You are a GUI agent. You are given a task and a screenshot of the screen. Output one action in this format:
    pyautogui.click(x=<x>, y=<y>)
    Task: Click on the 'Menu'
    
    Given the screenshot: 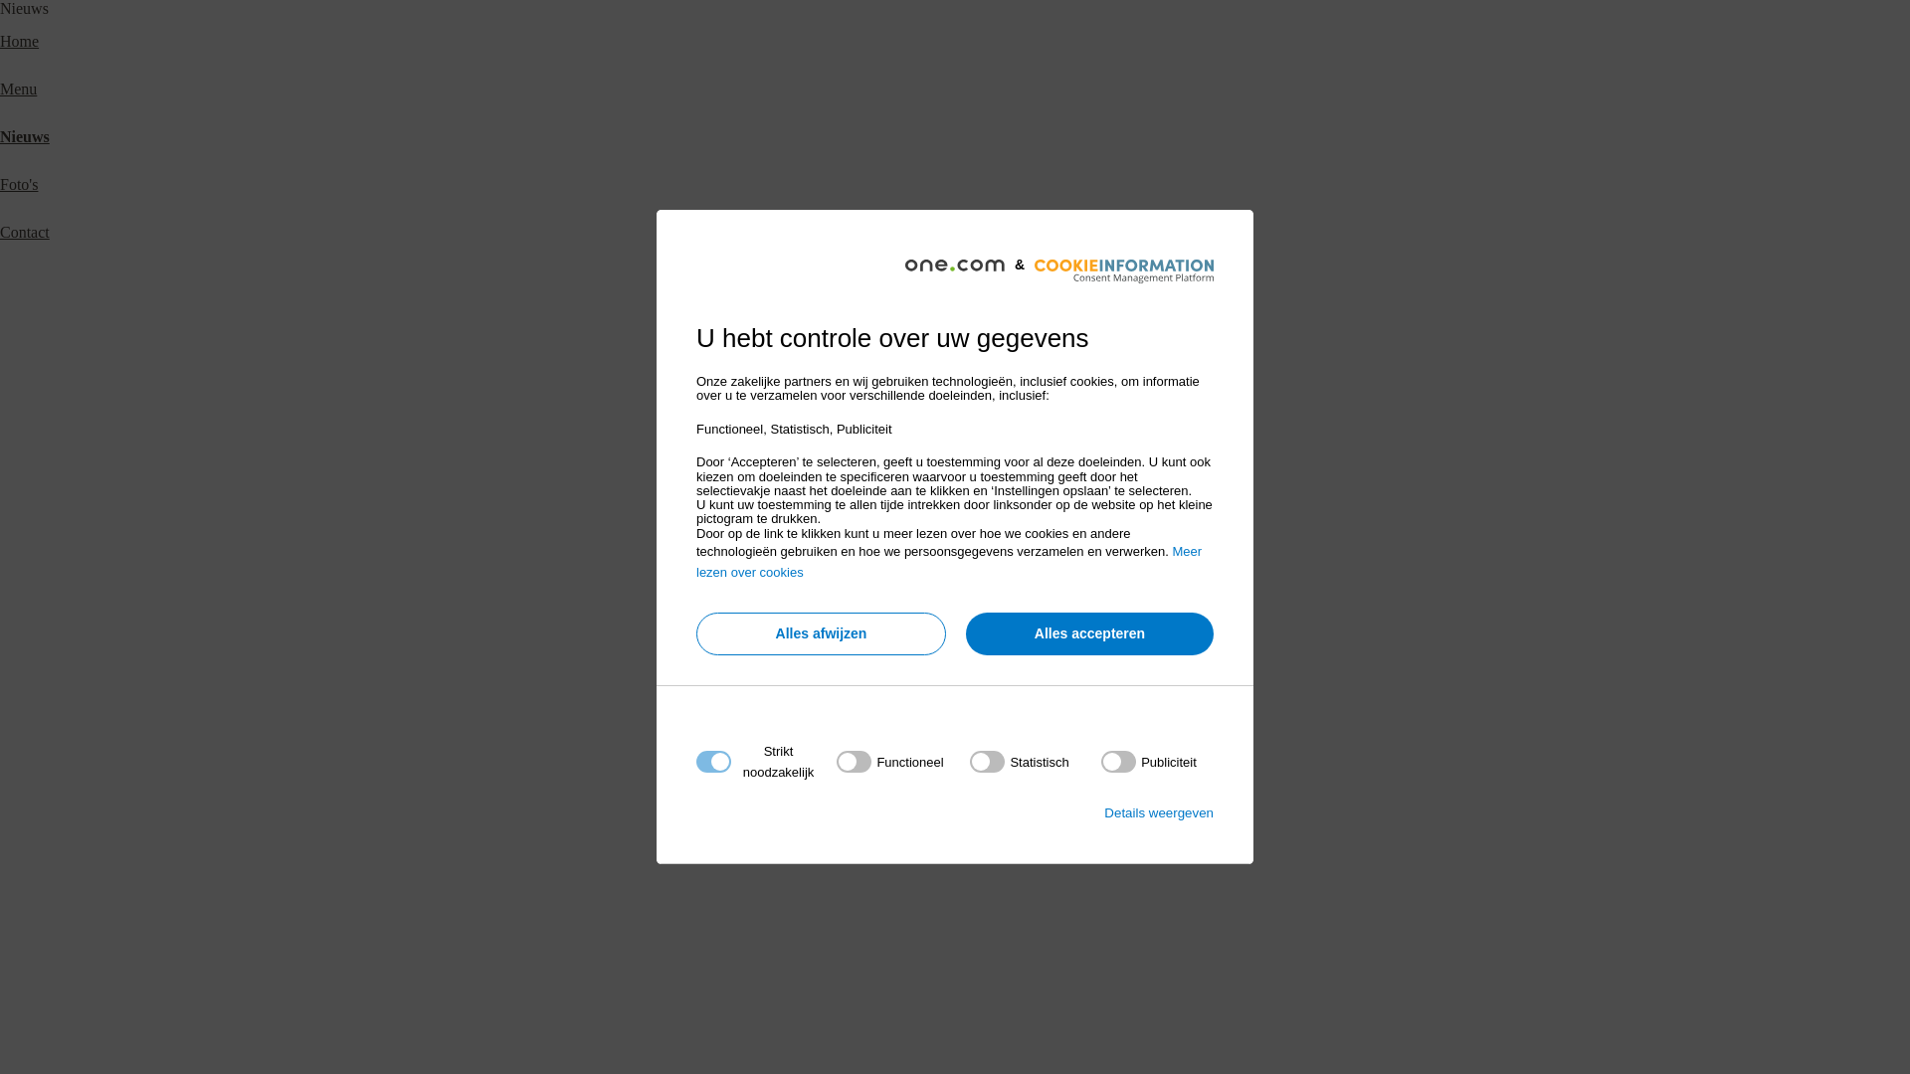 What is the action you would take?
    pyautogui.click(x=18, y=88)
    